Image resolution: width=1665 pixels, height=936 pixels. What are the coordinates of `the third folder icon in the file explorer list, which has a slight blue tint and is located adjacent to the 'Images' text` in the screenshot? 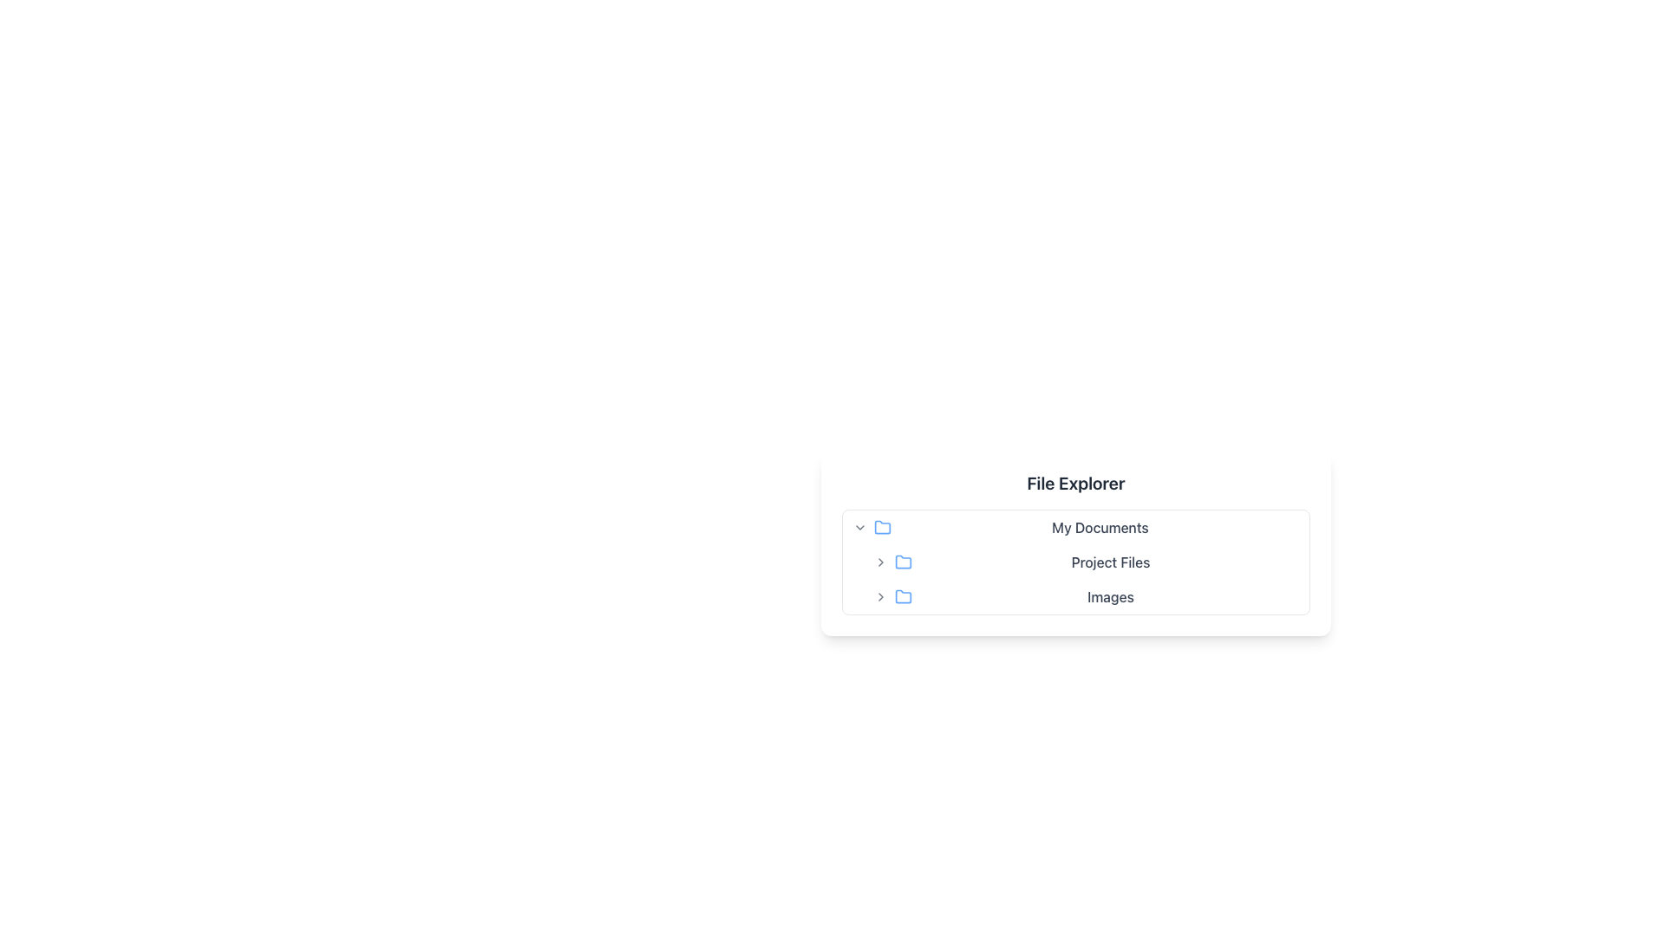 It's located at (902, 595).